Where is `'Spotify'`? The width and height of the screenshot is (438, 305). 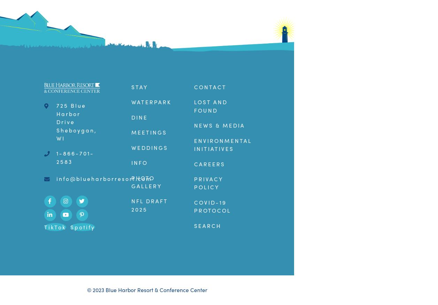
'Spotify' is located at coordinates (82, 226).